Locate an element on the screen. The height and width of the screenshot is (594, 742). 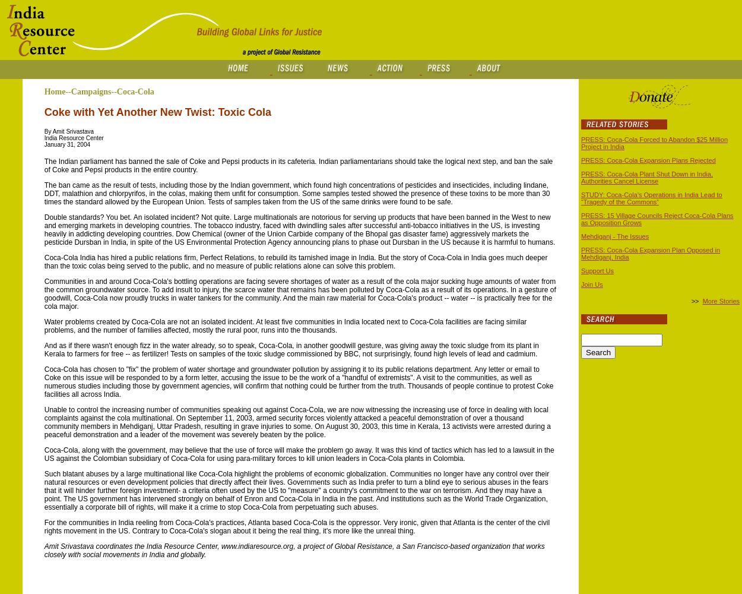
'January 31, 2004' is located at coordinates (66, 144).